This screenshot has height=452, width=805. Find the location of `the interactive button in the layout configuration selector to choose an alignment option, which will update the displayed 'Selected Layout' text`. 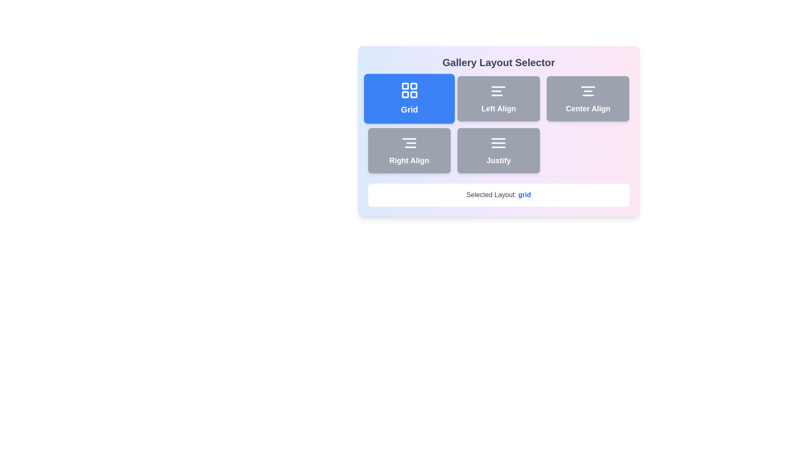

the interactive button in the layout configuration selector to choose an alignment option, which will update the displayed 'Selected Layout' text is located at coordinates (499, 131).